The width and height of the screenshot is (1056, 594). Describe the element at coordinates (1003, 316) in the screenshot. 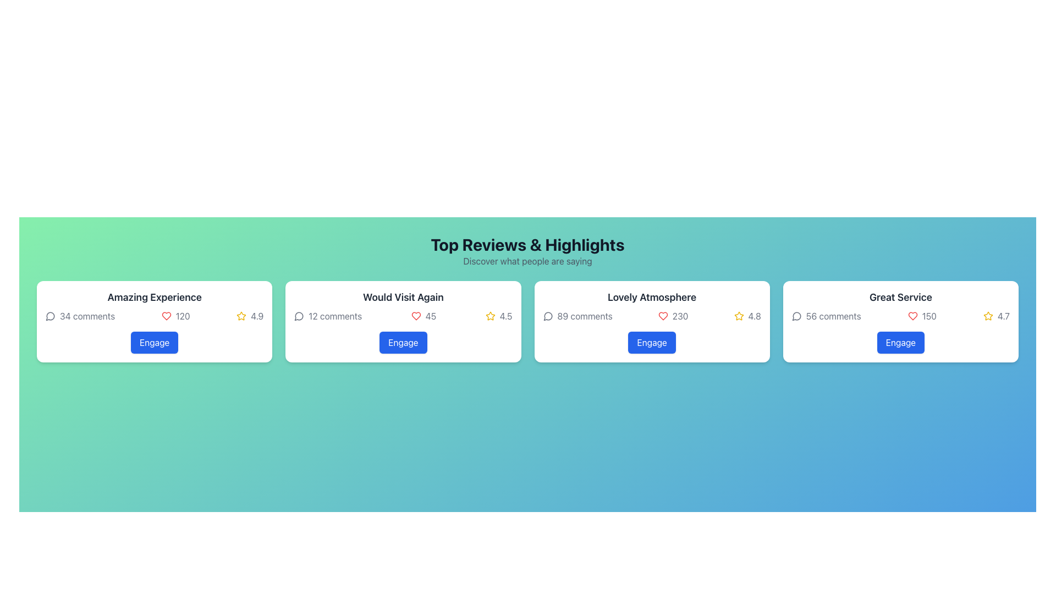

I see `the text display element showing the rating '4.7', which is gray in color and located adjacent to a star icon within the 'Great Service' review card` at that location.